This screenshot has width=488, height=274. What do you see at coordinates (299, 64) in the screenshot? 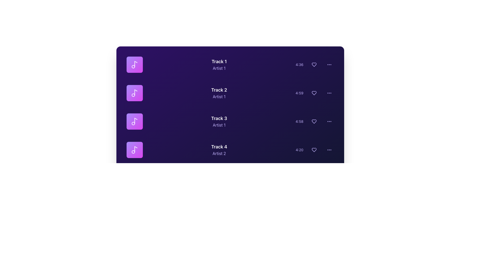
I see `the text label displaying the duration of the track, located to the right of 'Track 1' and 'Artist 1', and before the heart and ellipsis icons` at bounding box center [299, 64].